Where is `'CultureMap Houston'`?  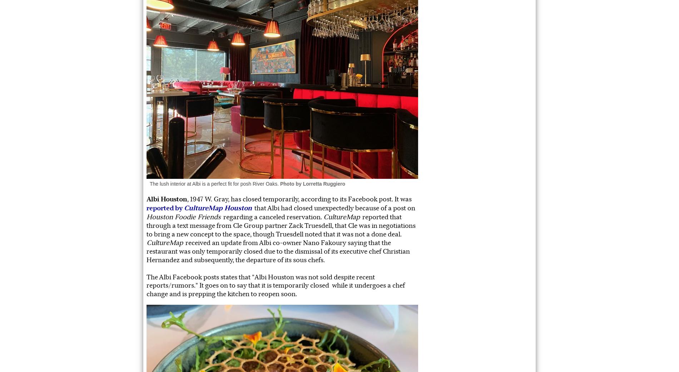
'CultureMap Houston' is located at coordinates (218, 207).